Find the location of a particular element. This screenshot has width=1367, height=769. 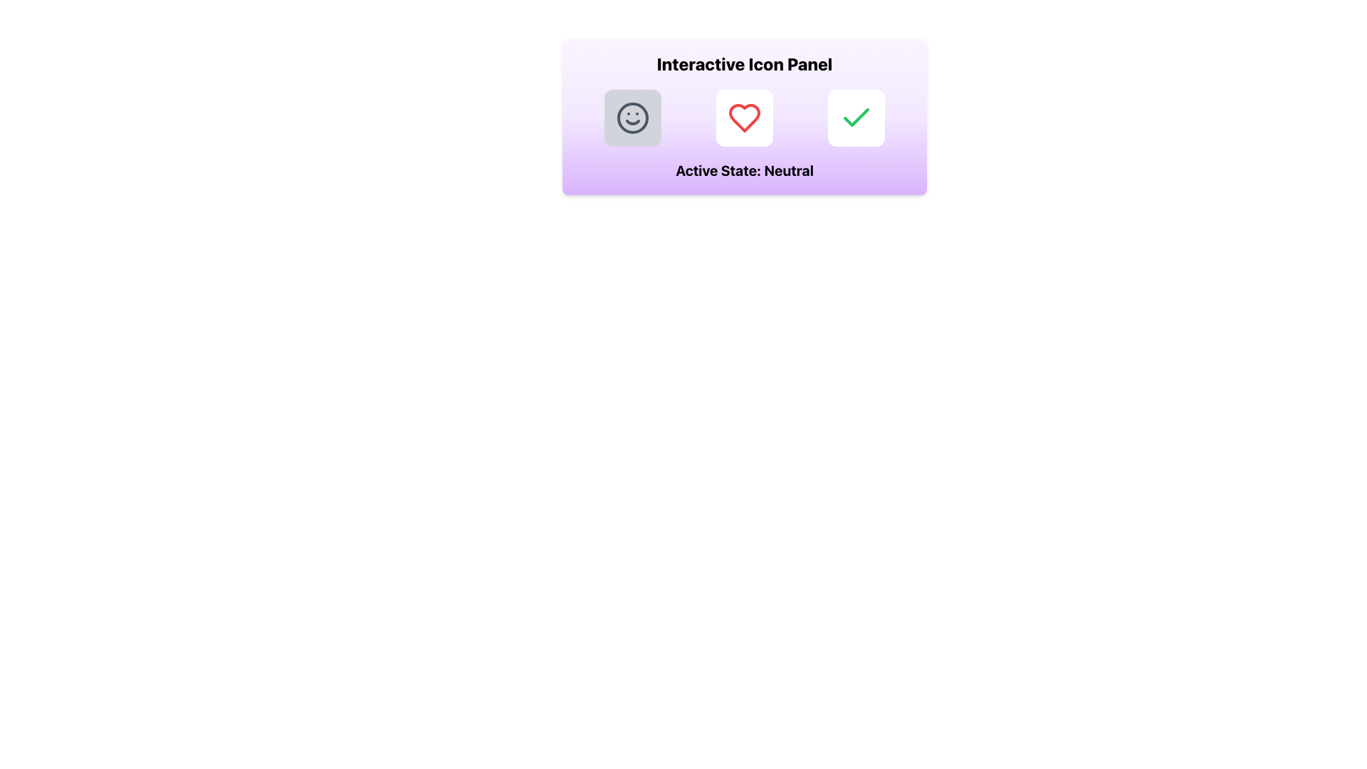

the interactive button with a heart icon located in the Interactive Icon Panel is located at coordinates (744, 116).